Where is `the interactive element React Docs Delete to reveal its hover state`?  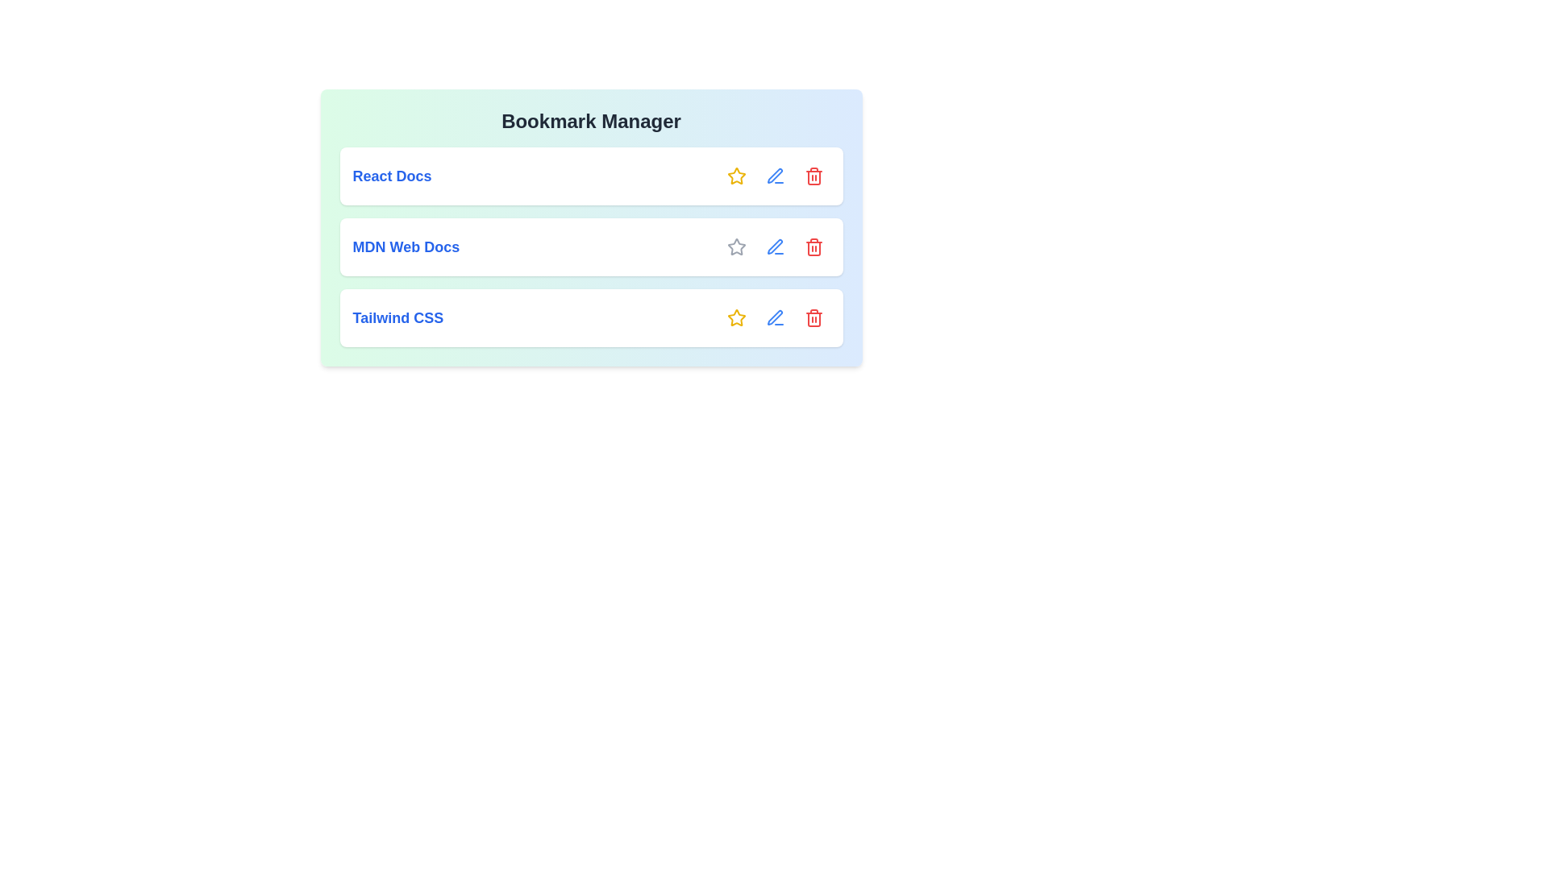 the interactive element React Docs Delete to reveal its hover state is located at coordinates (814, 176).